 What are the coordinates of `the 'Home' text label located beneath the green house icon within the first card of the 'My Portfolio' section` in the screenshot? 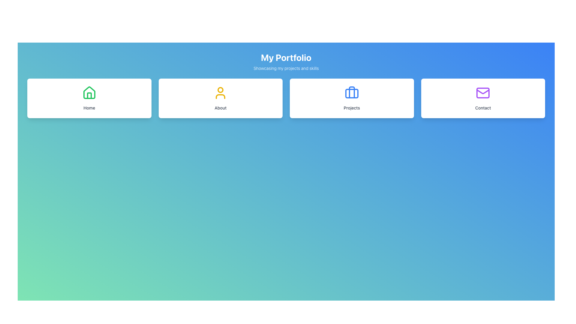 It's located at (89, 107).